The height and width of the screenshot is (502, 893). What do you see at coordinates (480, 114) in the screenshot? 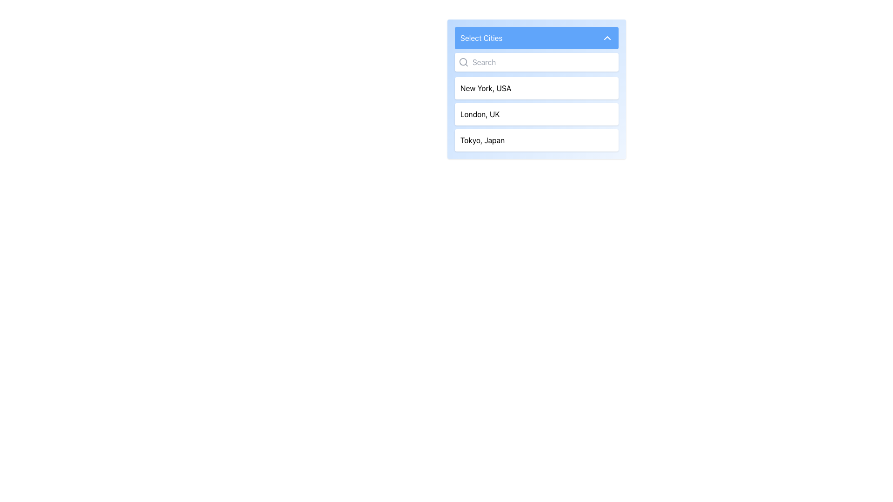
I see `the selectable city option 'London, UK' in the dropdown menu labeled 'Select Cities'` at bounding box center [480, 114].